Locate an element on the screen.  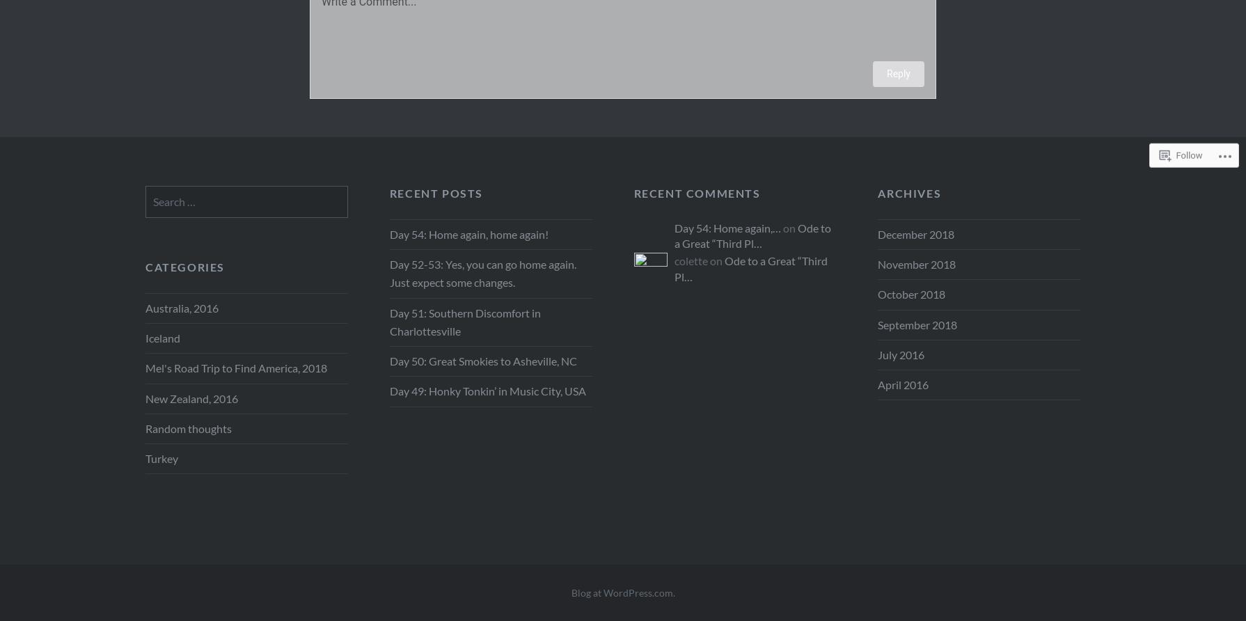
'New Zealand, 2016' is located at coordinates (191, 397).